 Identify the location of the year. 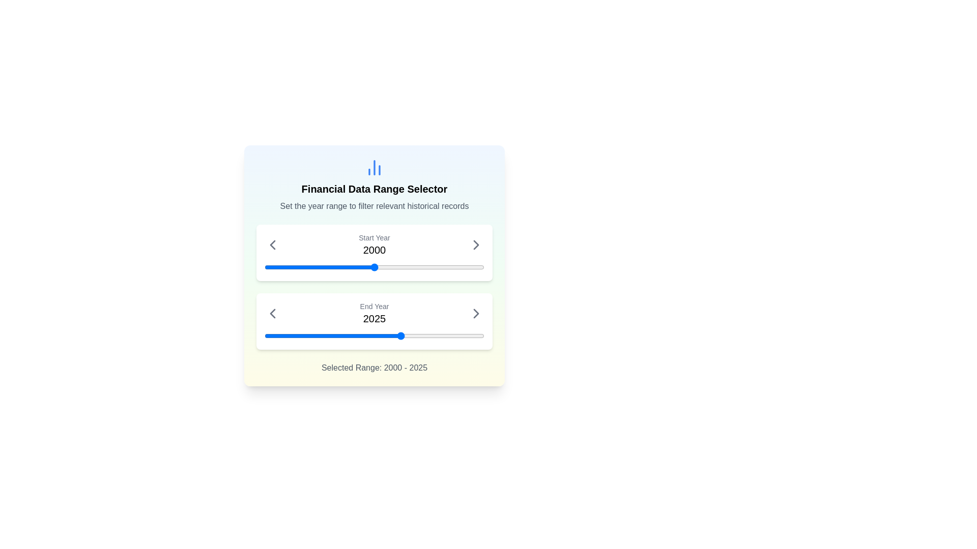
(396, 335).